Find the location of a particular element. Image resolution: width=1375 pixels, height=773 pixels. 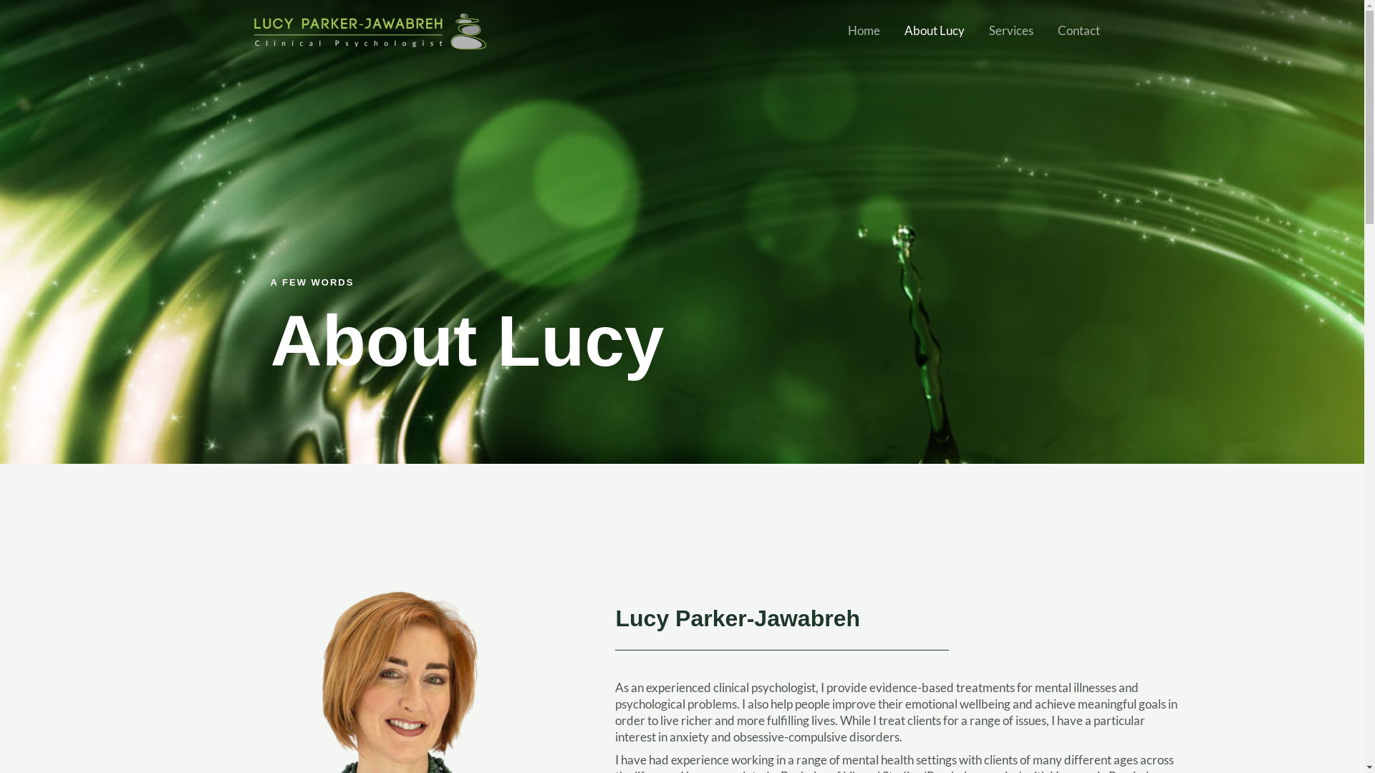

'Services' is located at coordinates (1010, 30).